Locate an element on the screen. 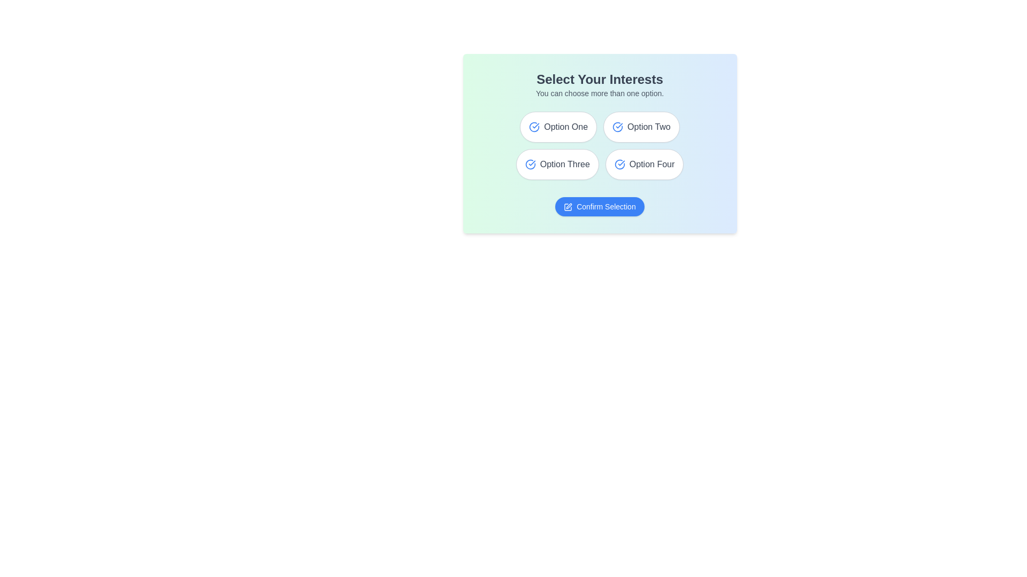  'Confirm Selection' button is located at coordinates (600, 206).